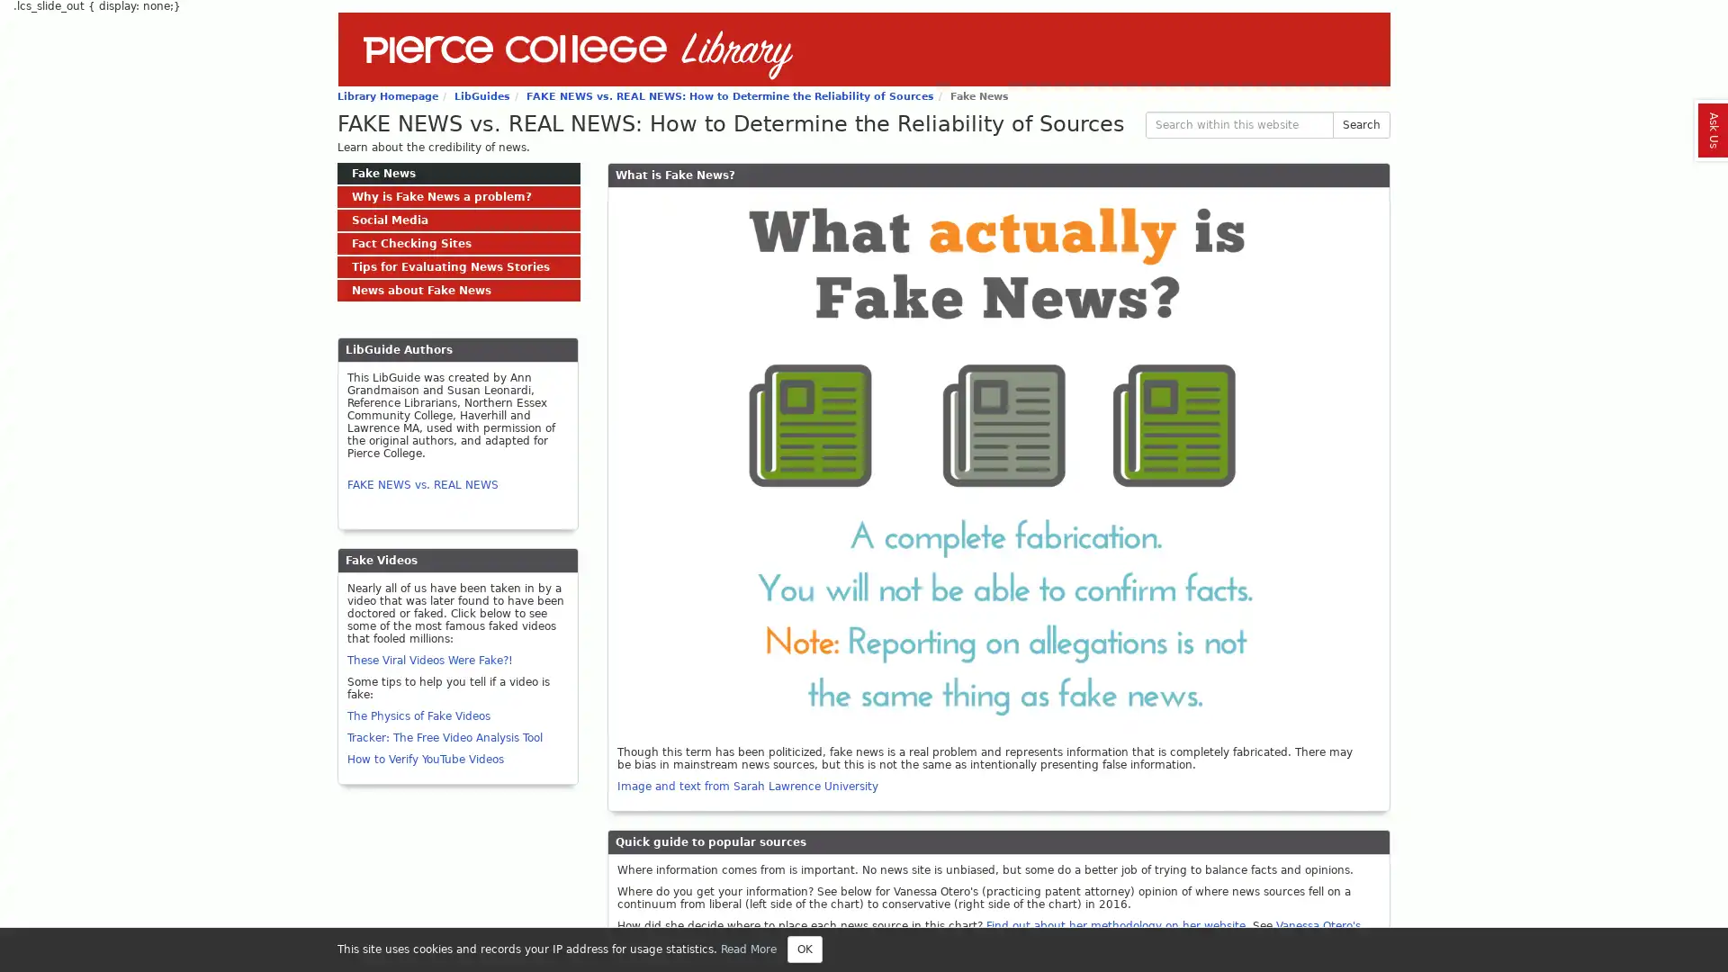  What do you see at coordinates (804, 949) in the screenshot?
I see `Close` at bounding box center [804, 949].